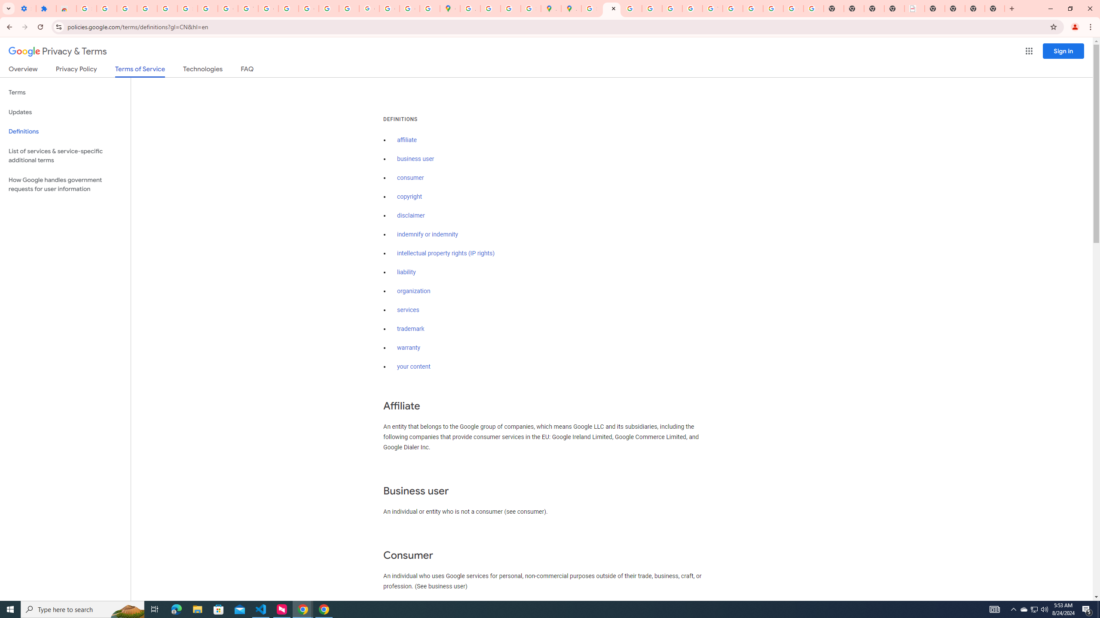 The width and height of the screenshot is (1100, 618). What do you see at coordinates (65, 155) in the screenshot?
I see `'List of services & service-specific additional terms'` at bounding box center [65, 155].